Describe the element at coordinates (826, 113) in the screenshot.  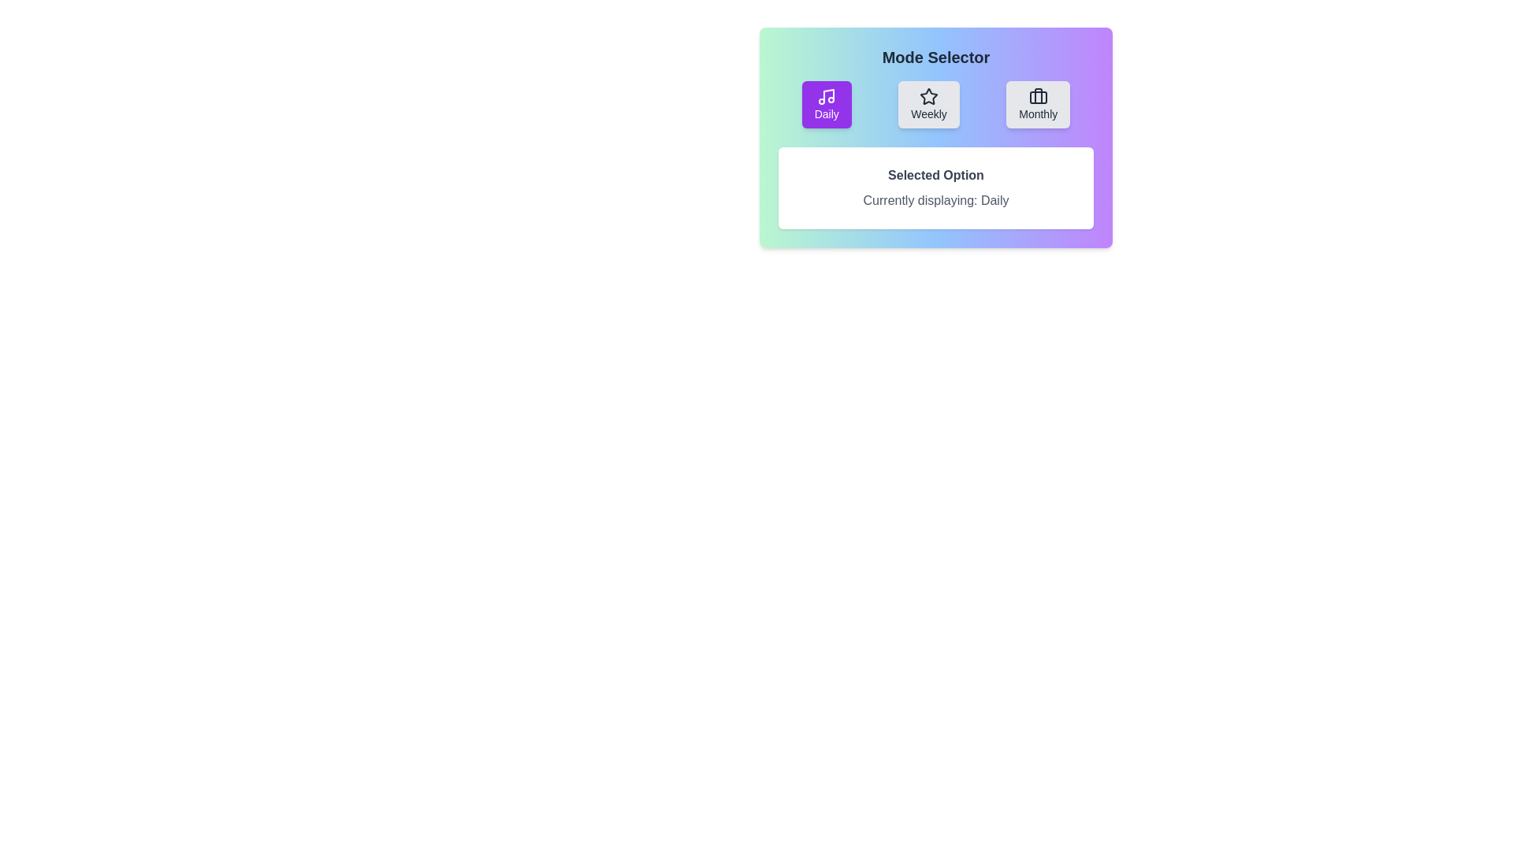
I see `text content of the label displaying 'Daily' in white text on a purple background, located at the bottom center of the purple button in the 'Mode Selector' group` at that location.